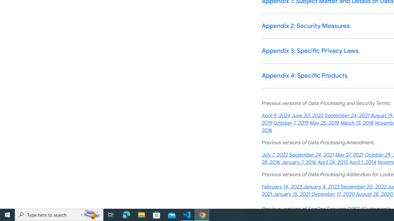 The width and height of the screenshot is (394, 221). Describe the element at coordinates (332, 162) in the screenshot. I see `'April 24, 2015'` at that location.